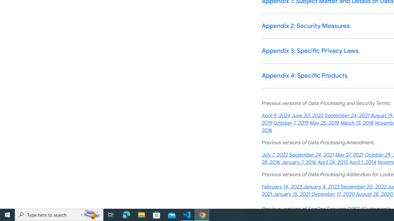 The width and height of the screenshot is (394, 221). Describe the element at coordinates (332, 162) in the screenshot. I see `'April 24, 2015'` at that location.